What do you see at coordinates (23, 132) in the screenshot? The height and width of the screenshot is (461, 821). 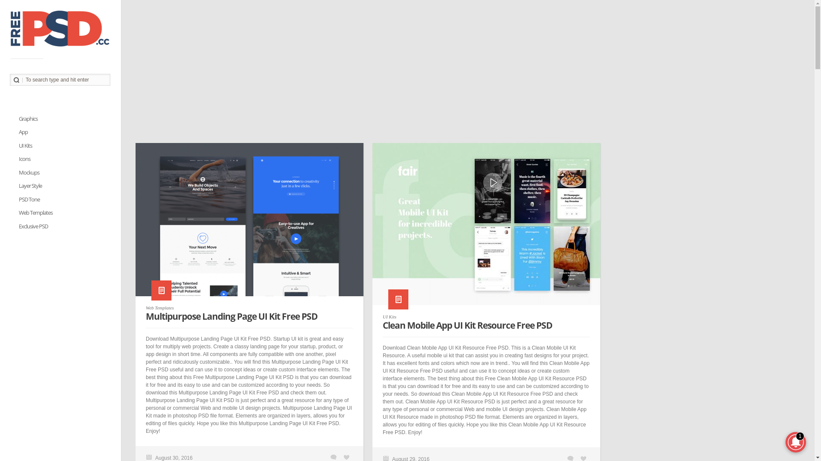 I see `'App'` at bounding box center [23, 132].